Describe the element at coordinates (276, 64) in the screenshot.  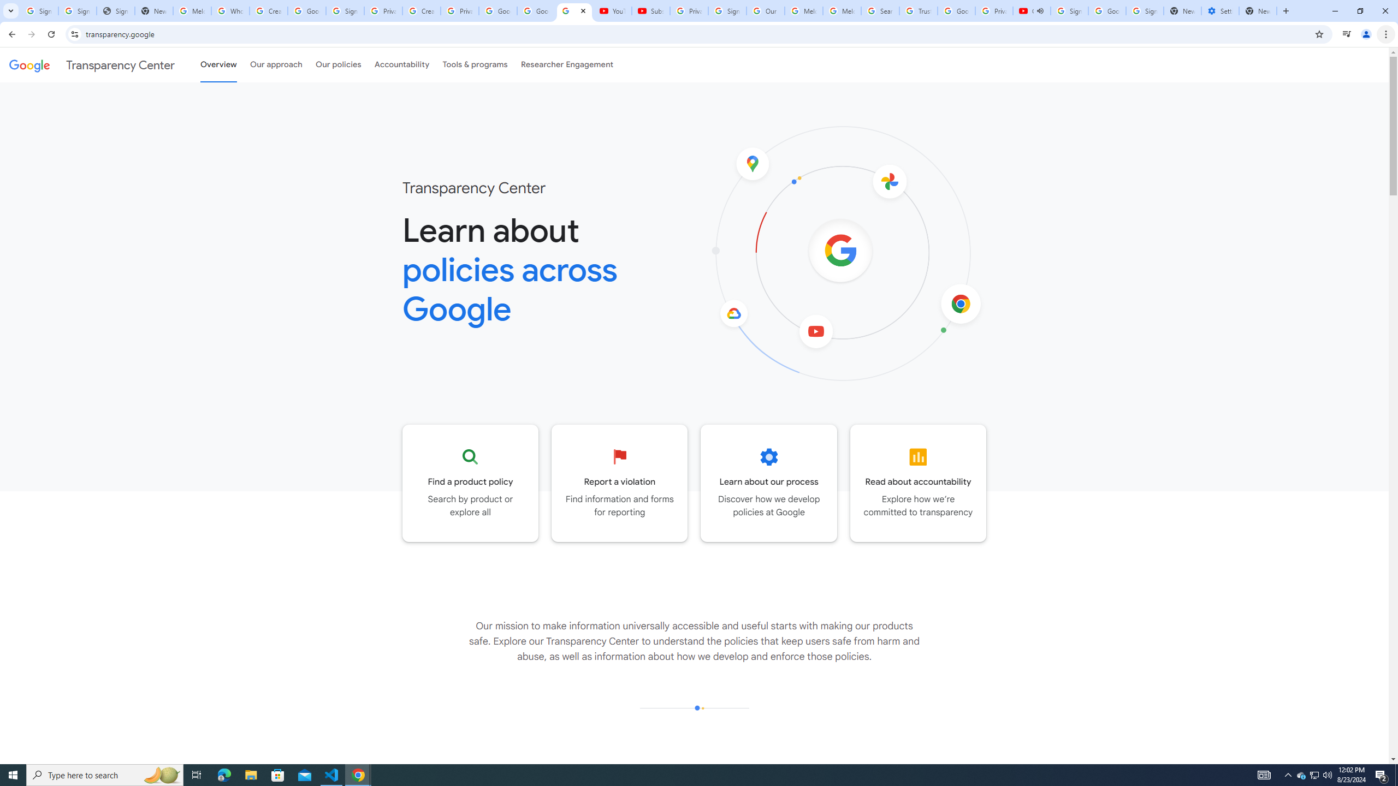
I see `'Our approach'` at that location.